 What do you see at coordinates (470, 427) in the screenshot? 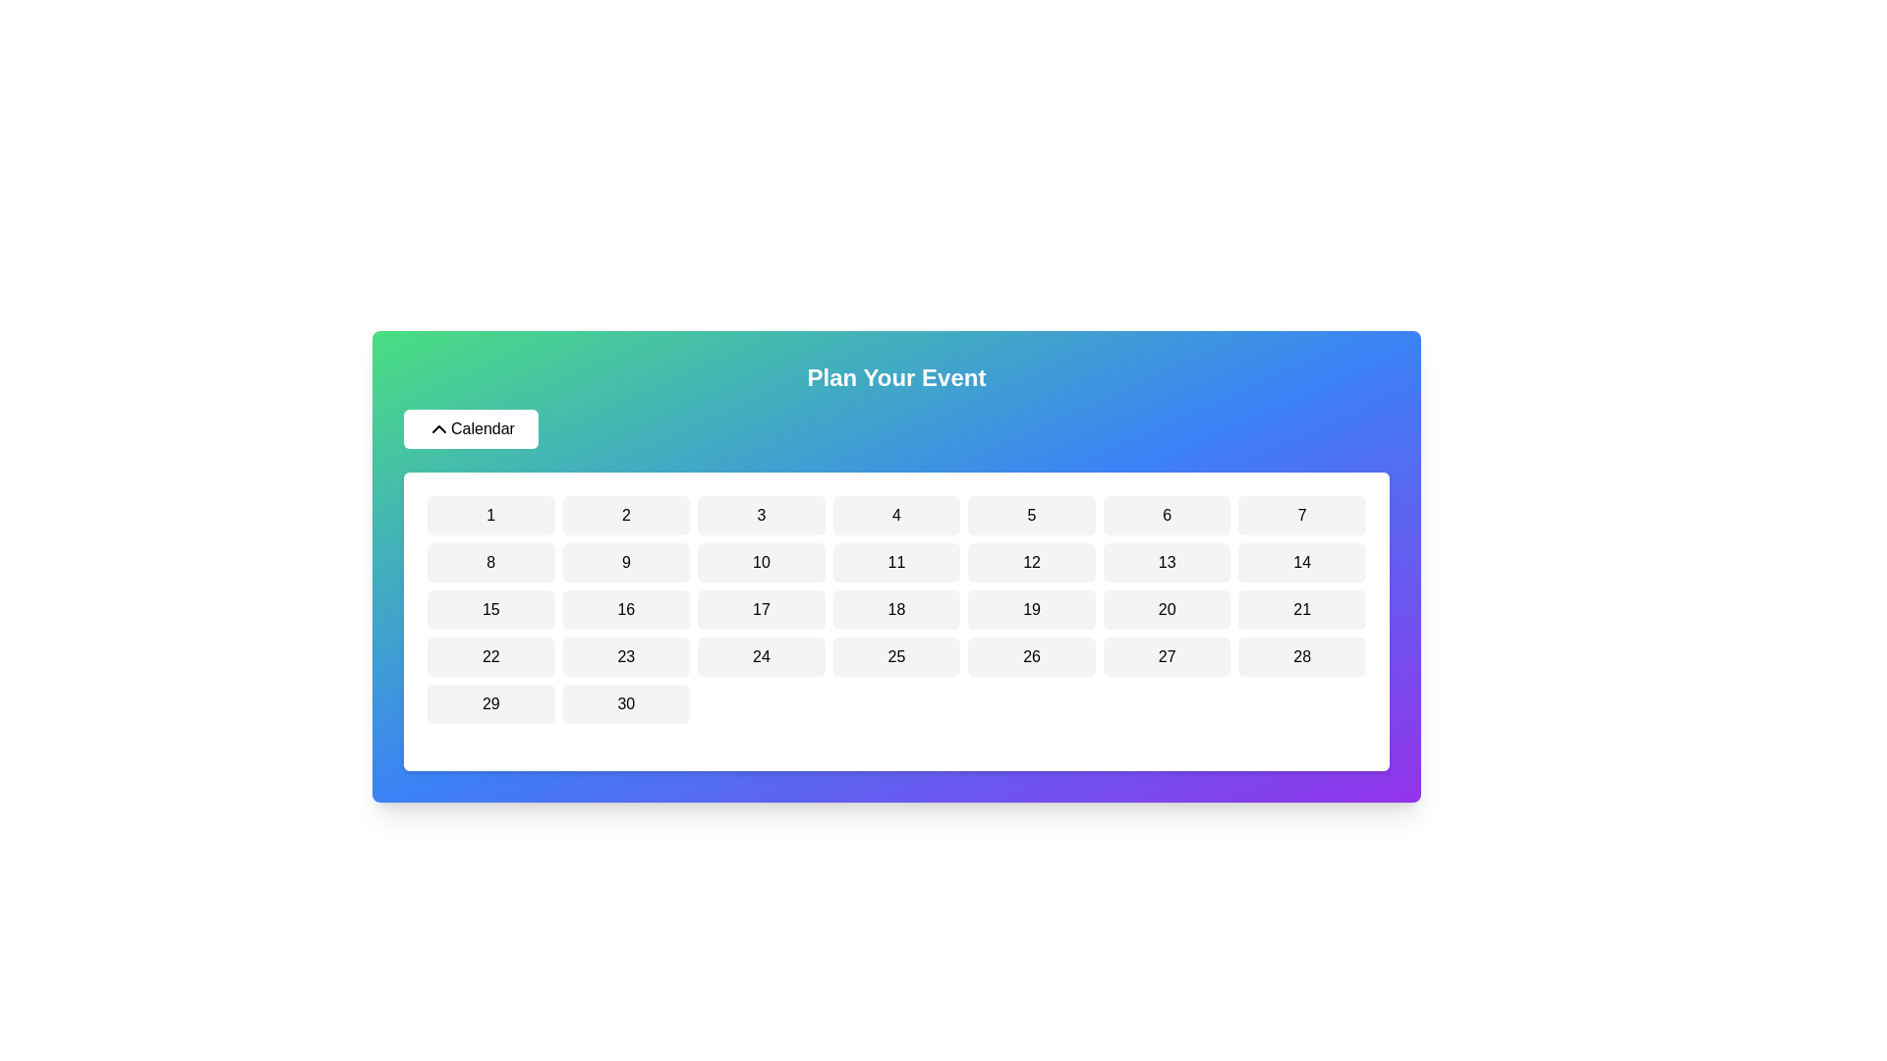
I see `the toggle button located below the heading 'Plan Your Event'` at bounding box center [470, 427].